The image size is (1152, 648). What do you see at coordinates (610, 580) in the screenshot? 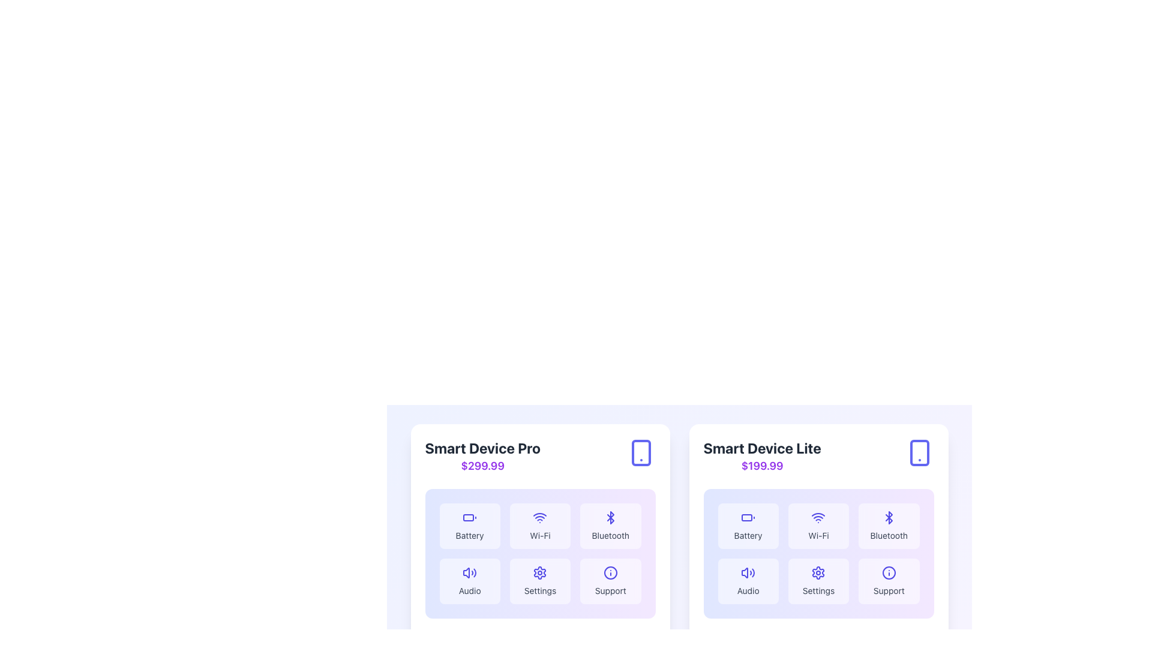
I see `the interactive support card located in the bottom-right corner of the 3x2 grid layout` at bounding box center [610, 580].